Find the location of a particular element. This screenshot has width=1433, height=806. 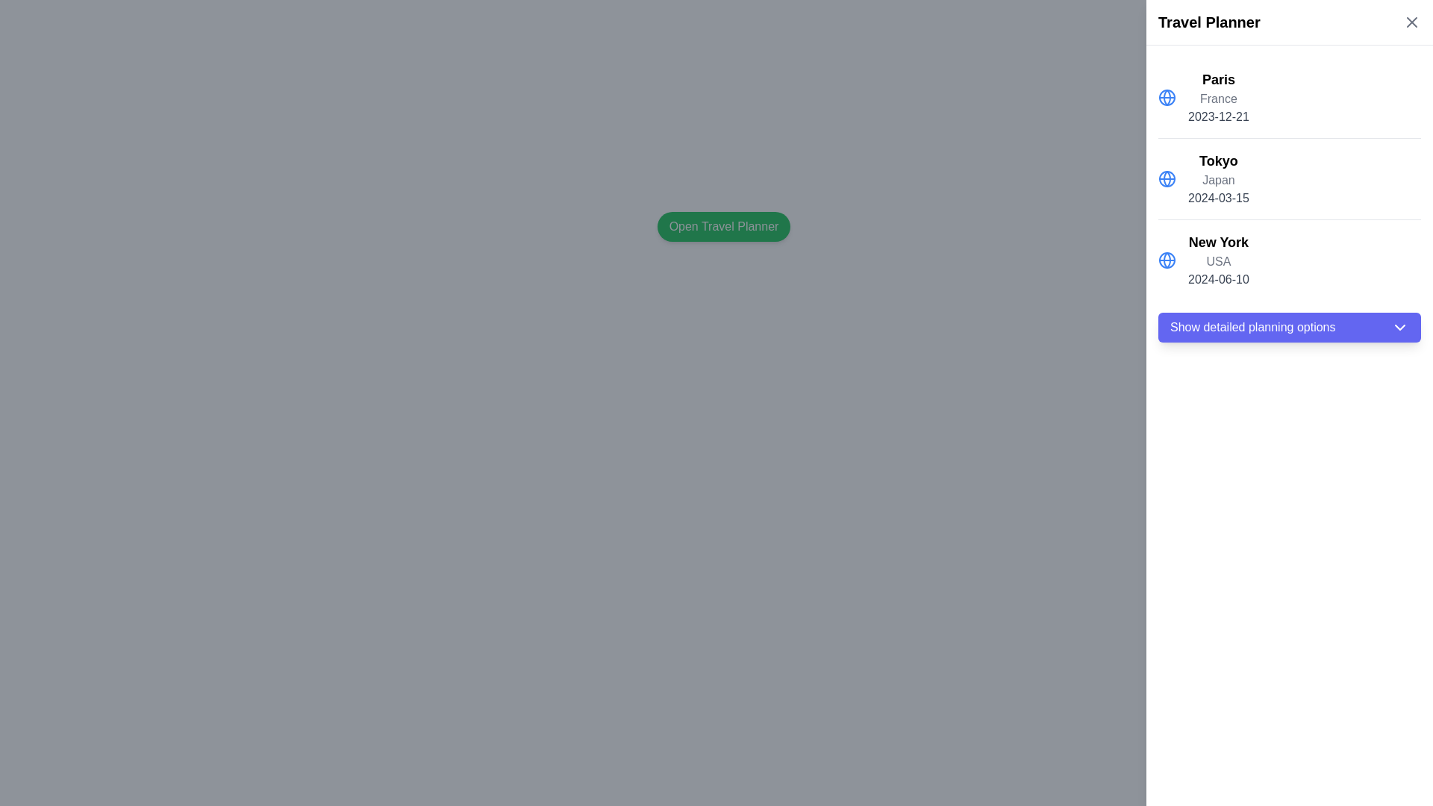

the text label displaying the date '2024-06-10' located in the right-hand panel titled 'Travel Planner', positioned beneath 'USA' and 'New York' is located at coordinates (1218, 279).